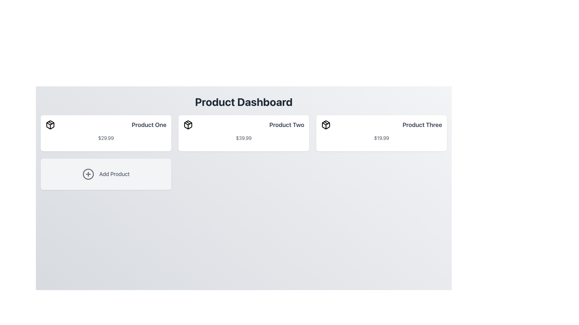 The height and width of the screenshot is (325, 579). Describe the element at coordinates (286, 125) in the screenshot. I see `the text label reading 'Product Two', which is styled with a bold and larger font size in dark gray, located in the top-right part of the second product card` at that location.